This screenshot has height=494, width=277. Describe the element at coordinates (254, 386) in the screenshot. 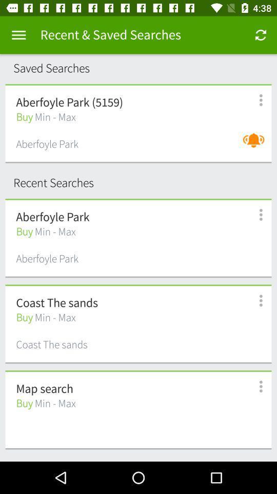

I see `this is join website` at that location.